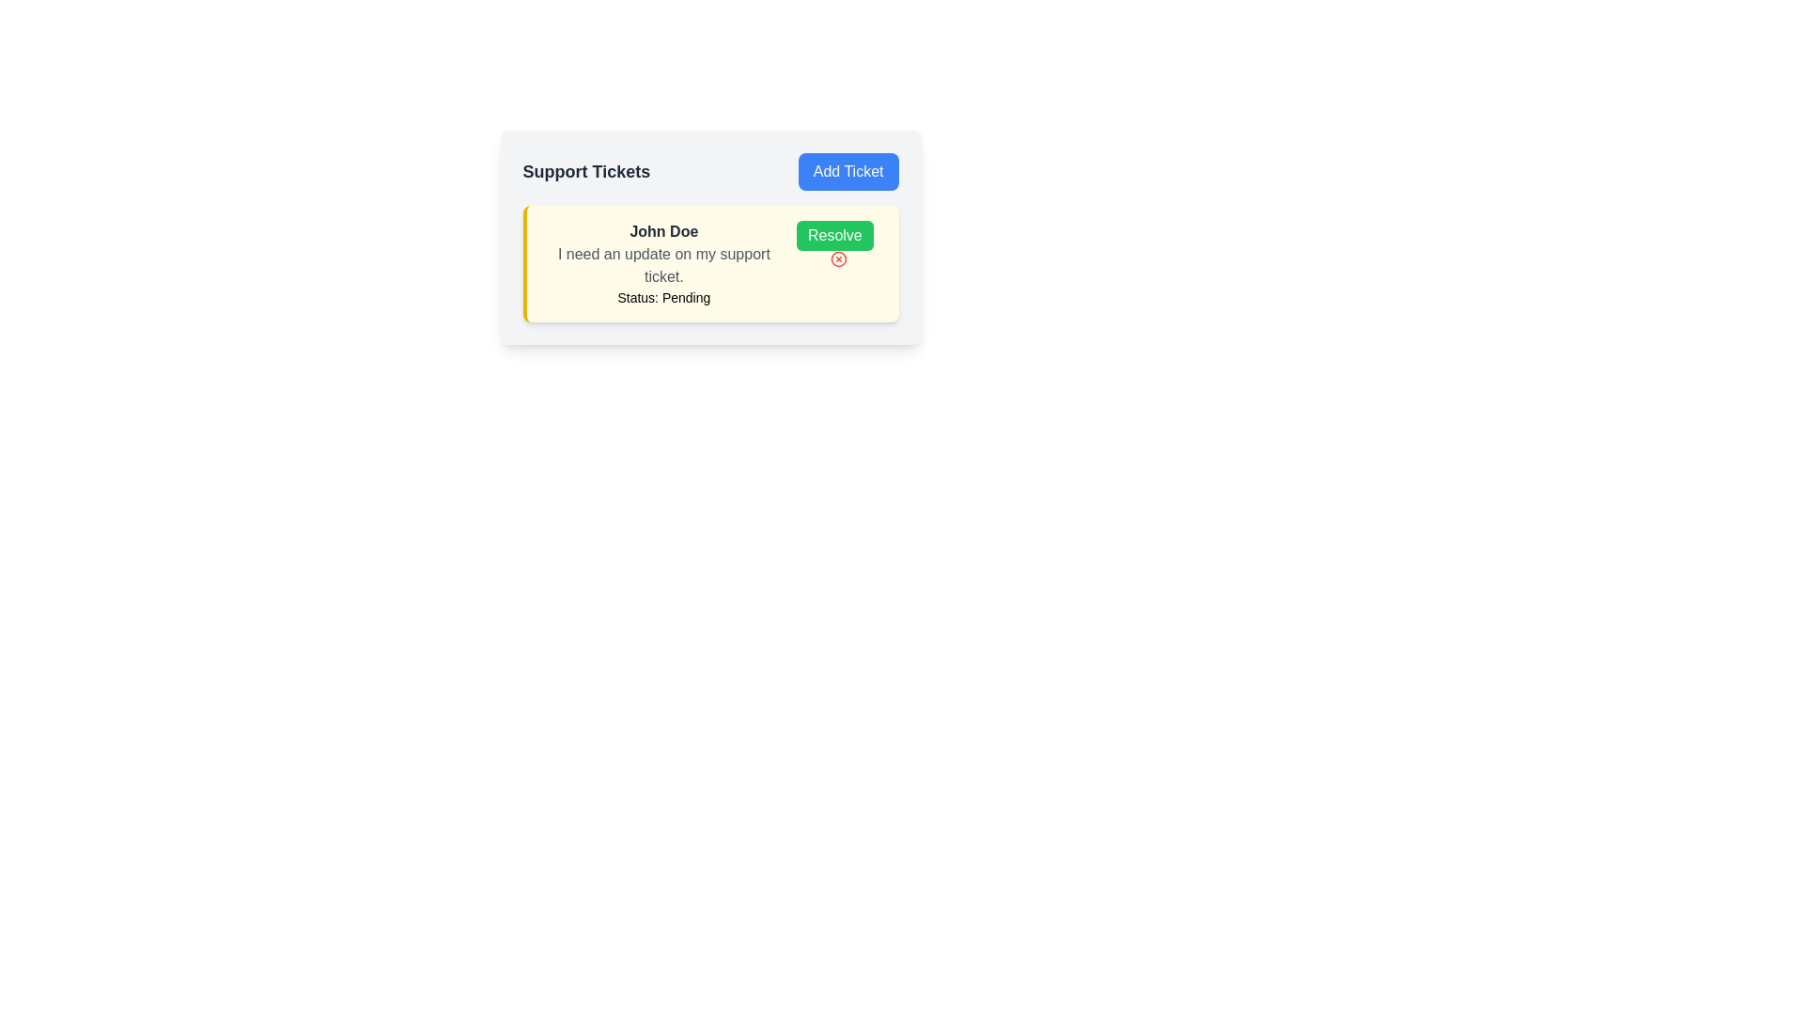 The width and height of the screenshot is (1804, 1015). I want to click on the 'Add Ticket' button, which is a bright blue rectangular button with rounded corners, so click(847, 171).